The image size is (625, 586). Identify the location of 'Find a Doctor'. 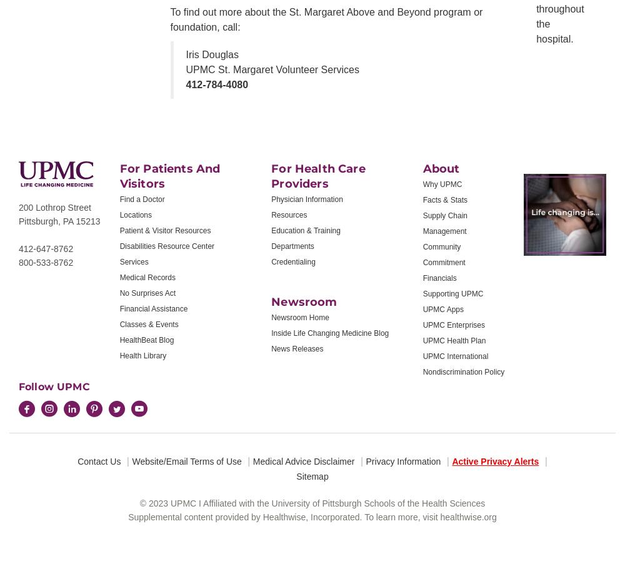
(141, 198).